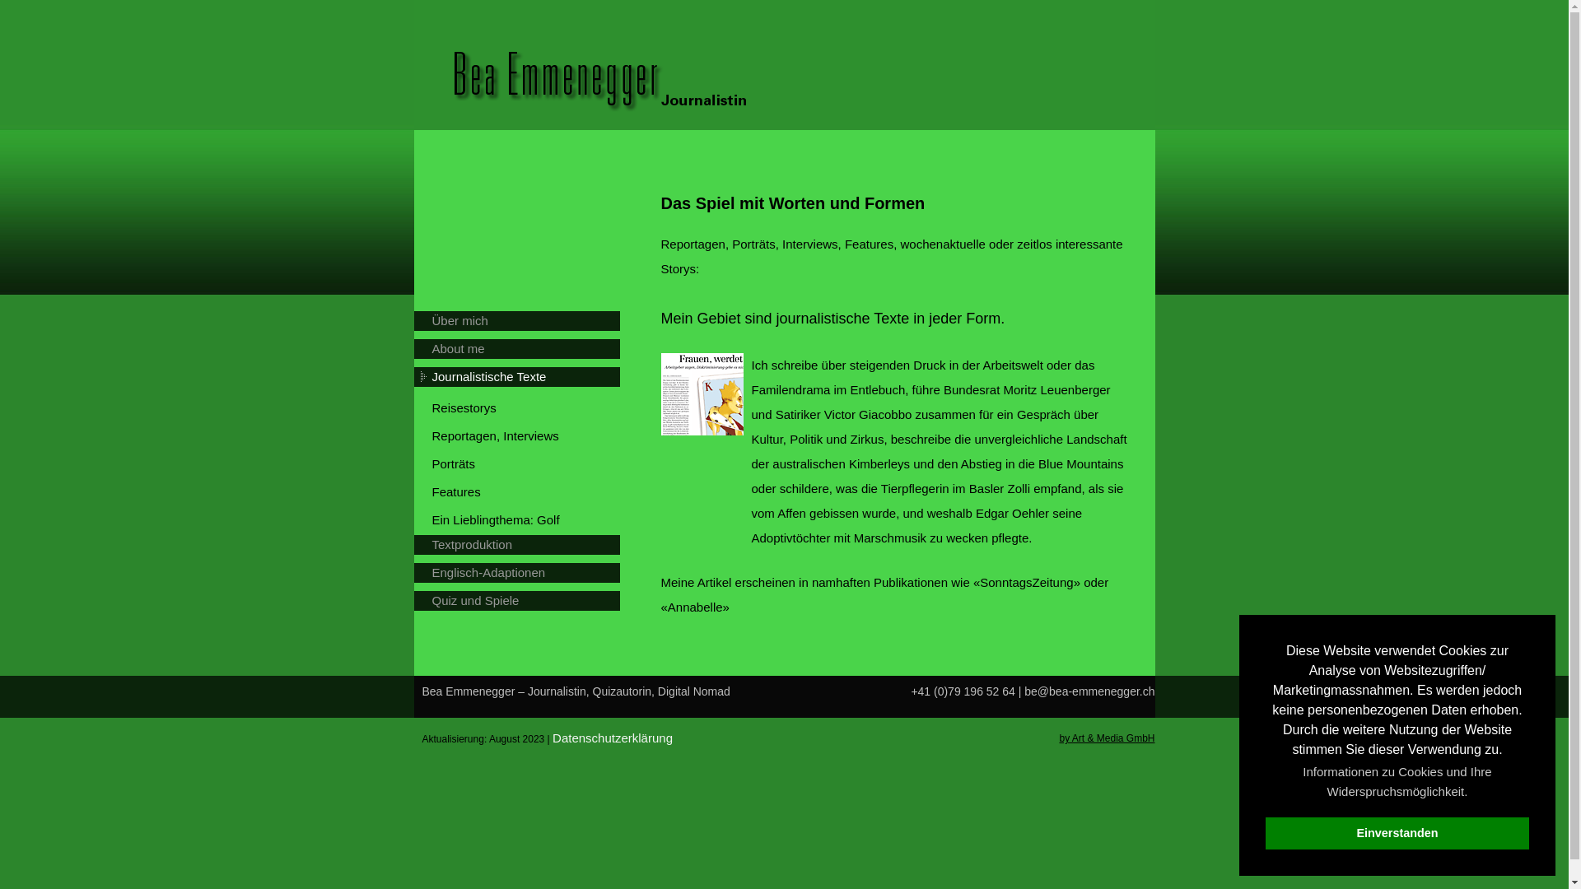 This screenshot has height=889, width=1581. Describe the element at coordinates (431, 600) in the screenshot. I see `'Quiz und Spiele'` at that location.